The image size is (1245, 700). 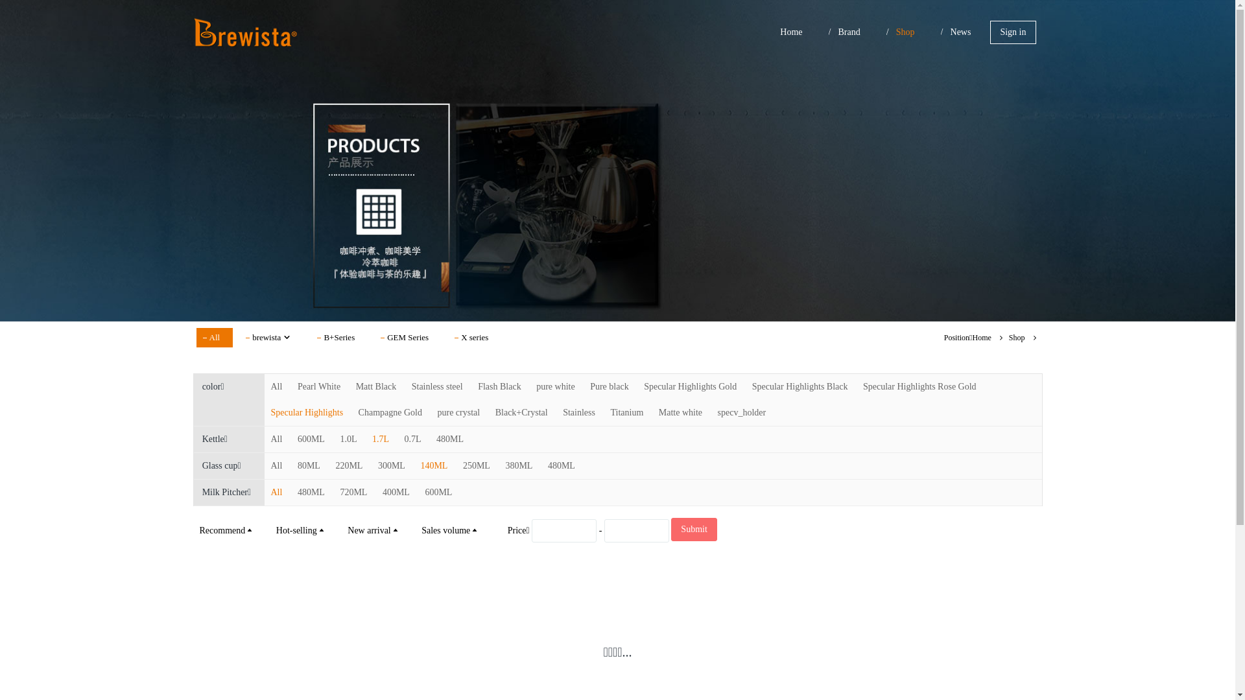 What do you see at coordinates (308, 465) in the screenshot?
I see `'80ML'` at bounding box center [308, 465].